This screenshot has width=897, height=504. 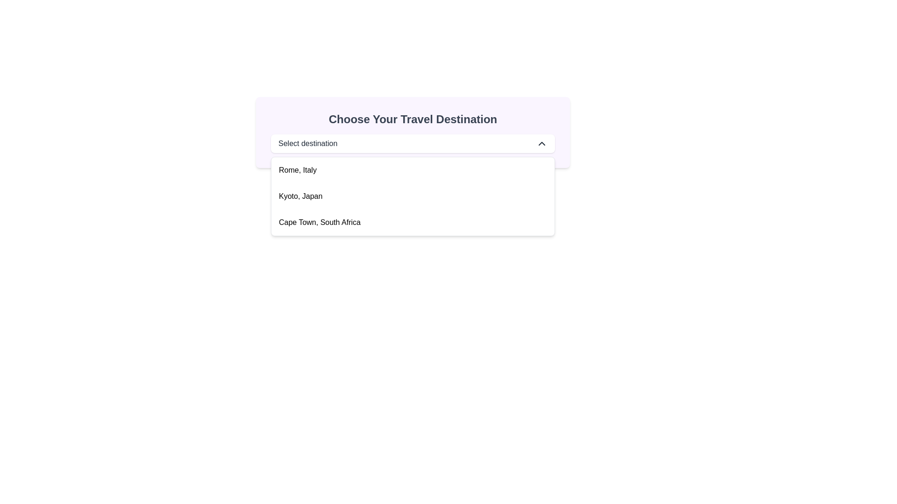 What do you see at coordinates (412, 196) in the screenshot?
I see `the dropdown menu option 'Kyoto, Japan', which is the second item in the list` at bounding box center [412, 196].